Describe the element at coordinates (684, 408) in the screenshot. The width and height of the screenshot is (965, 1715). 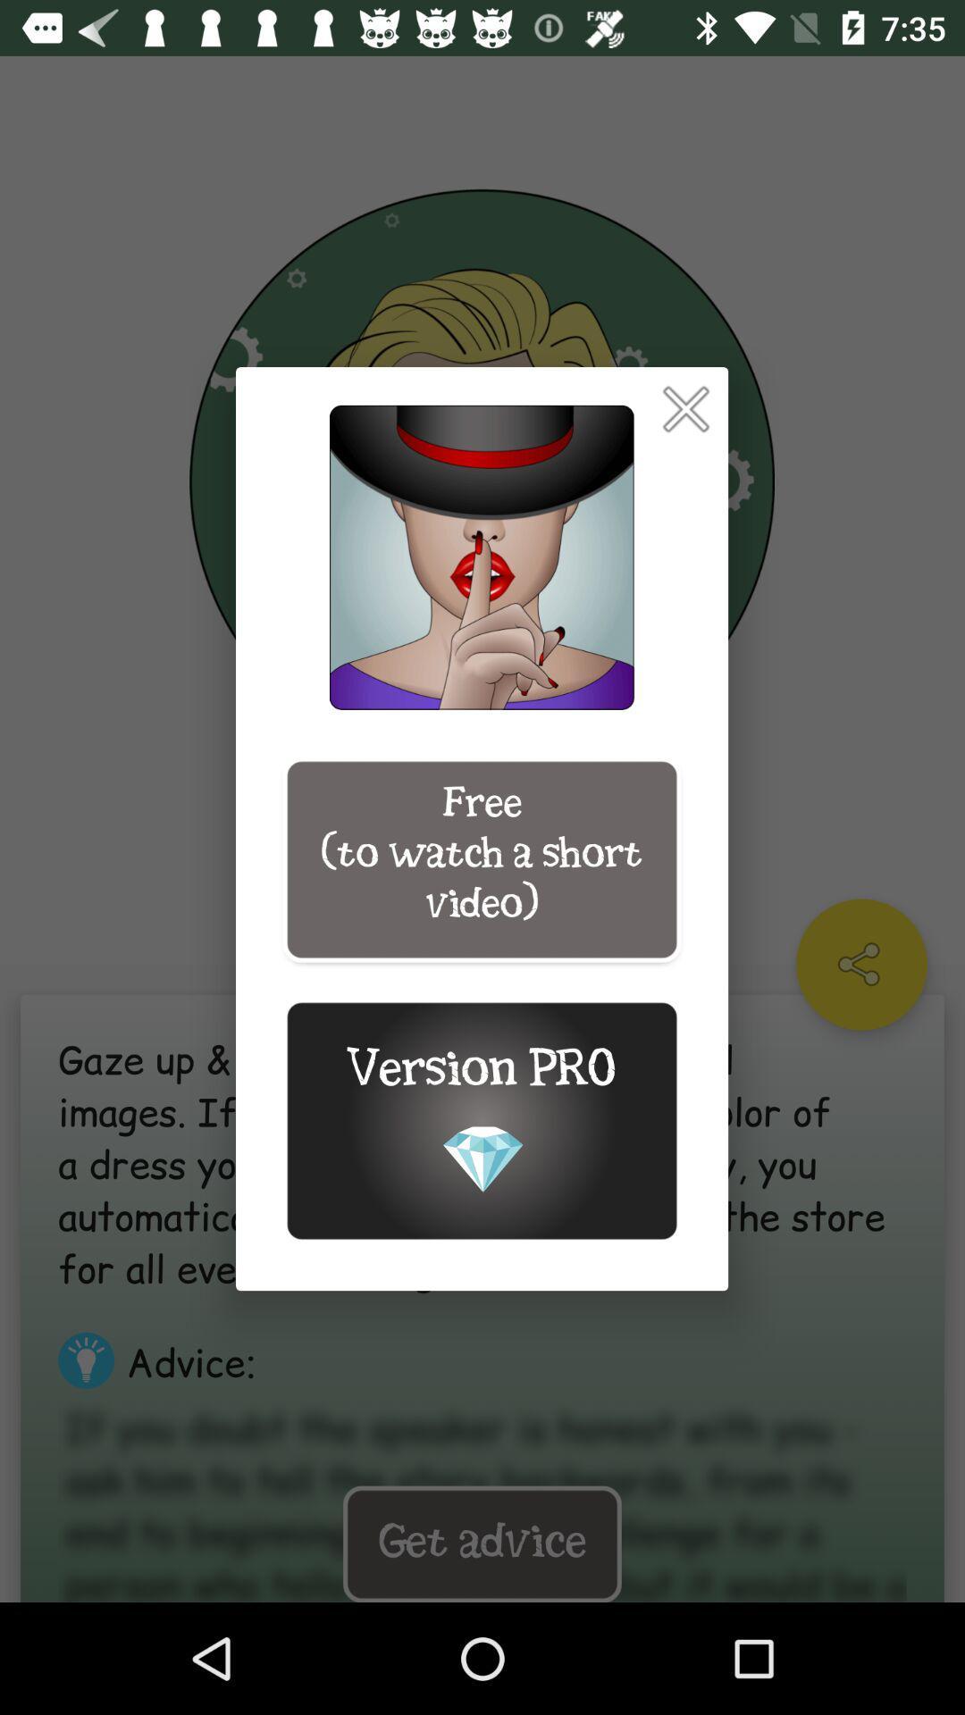
I see `the window` at that location.